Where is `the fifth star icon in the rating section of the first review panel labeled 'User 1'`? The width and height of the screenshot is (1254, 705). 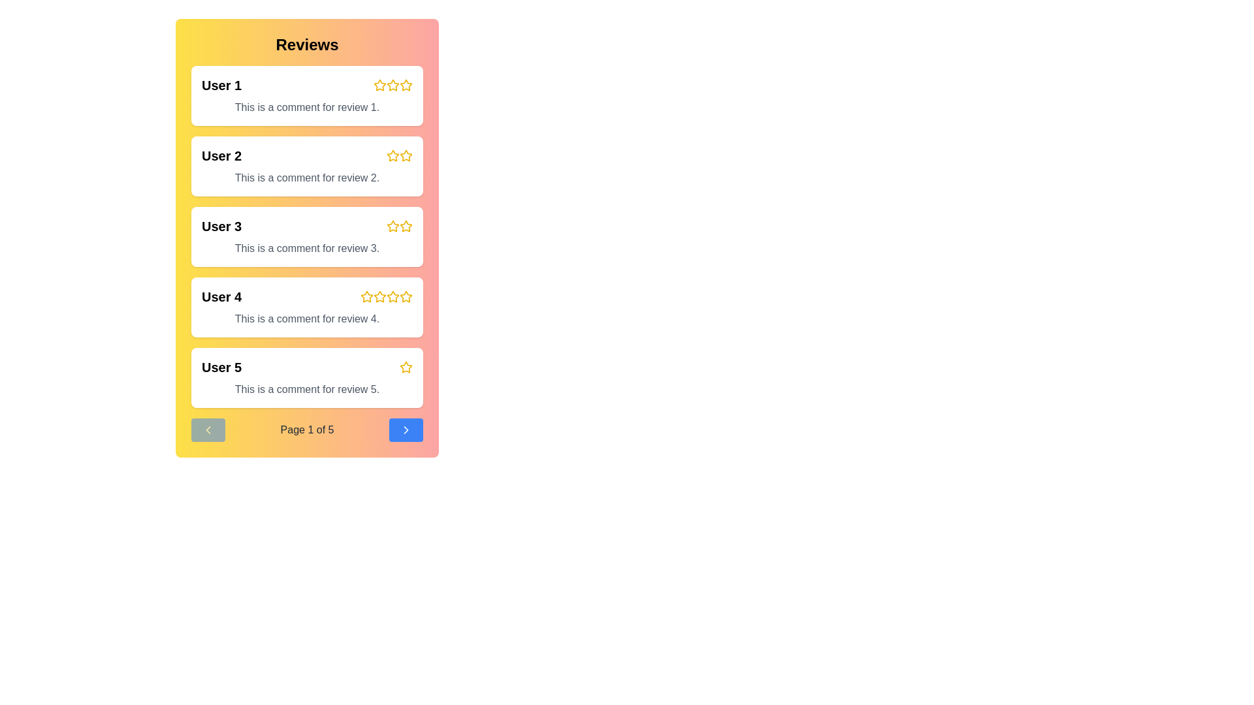 the fifth star icon in the rating section of the first review panel labeled 'User 1' is located at coordinates (406, 86).